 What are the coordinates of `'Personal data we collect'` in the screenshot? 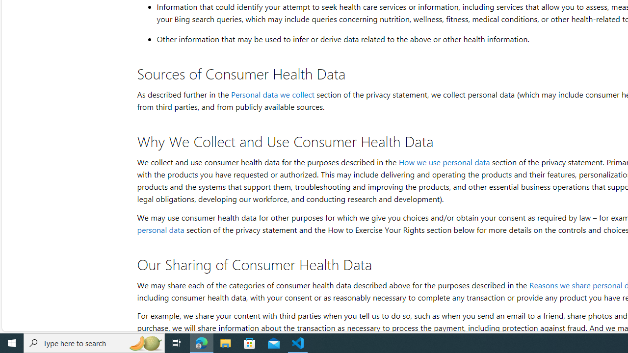 It's located at (272, 94).